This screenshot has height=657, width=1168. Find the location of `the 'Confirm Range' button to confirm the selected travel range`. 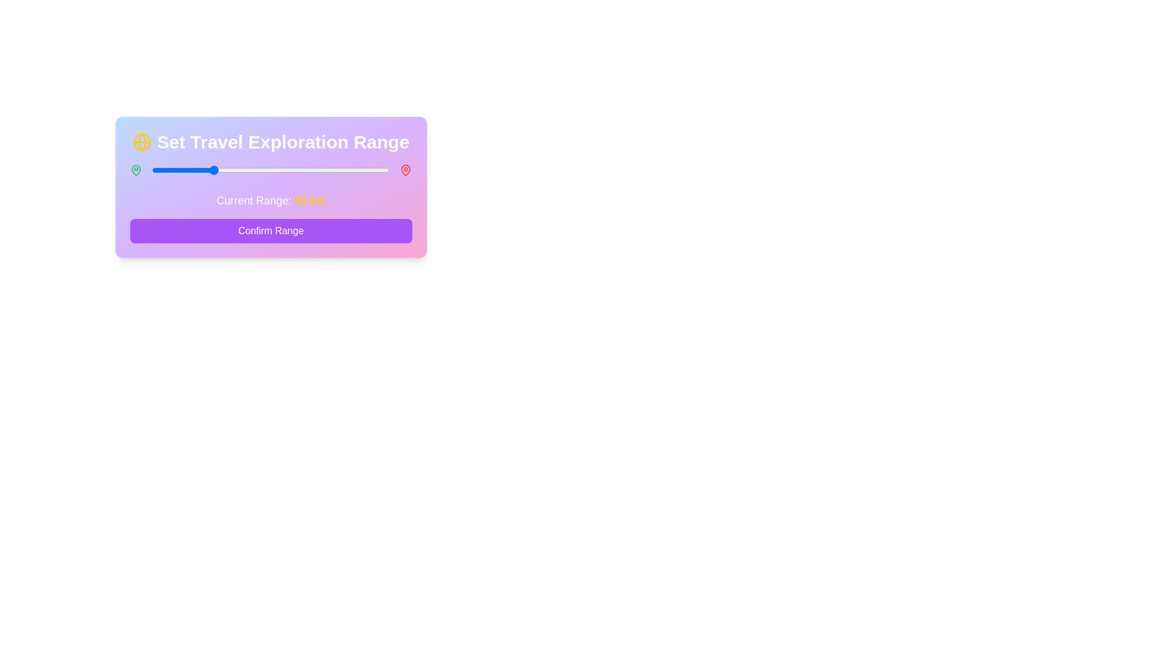

the 'Confirm Range' button to confirm the selected travel range is located at coordinates (270, 231).